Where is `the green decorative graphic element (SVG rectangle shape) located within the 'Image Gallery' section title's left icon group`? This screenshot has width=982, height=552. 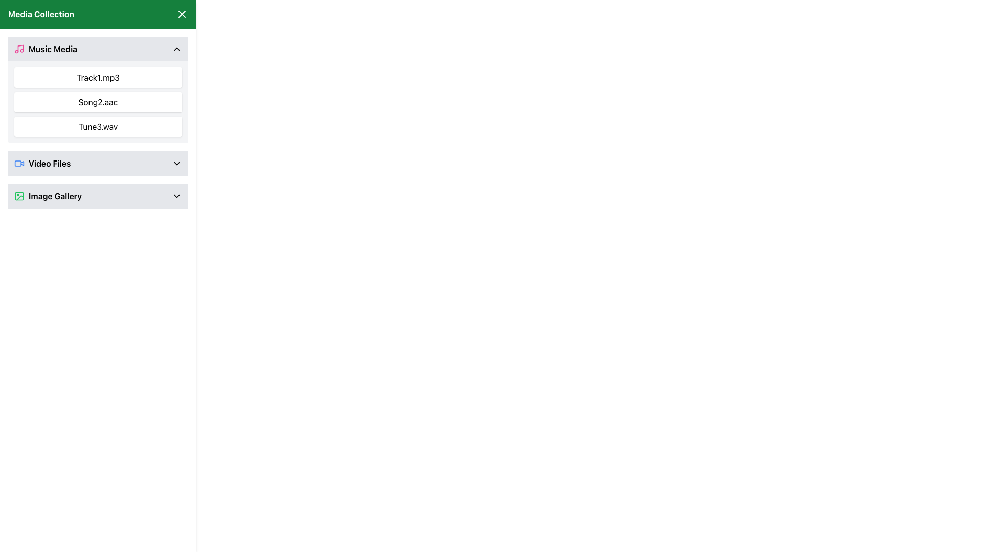 the green decorative graphic element (SVG rectangle shape) located within the 'Image Gallery' section title's left icon group is located at coordinates (19, 196).